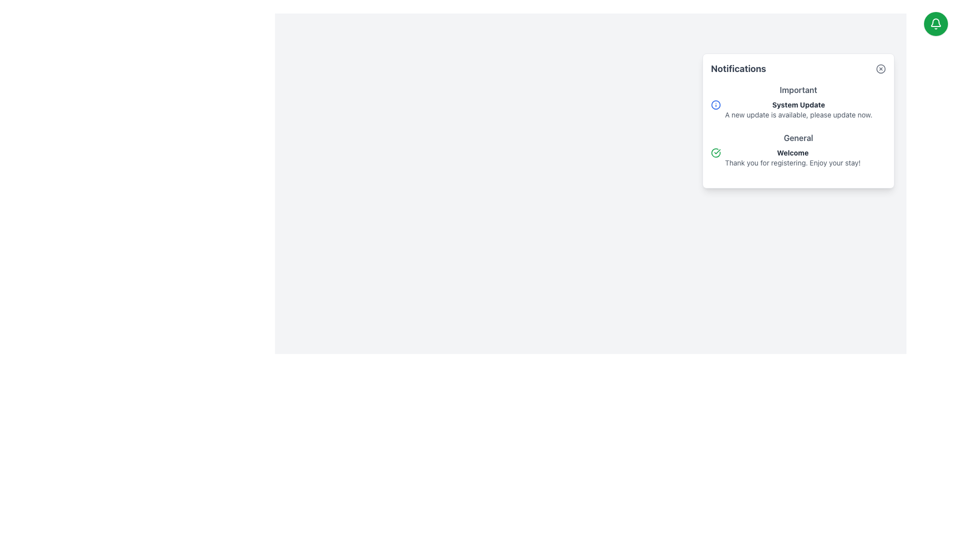 This screenshot has height=540, width=960. I want to click on the important message notification located in the notifications panel, right below the 'Important' header, so click(798, 109).